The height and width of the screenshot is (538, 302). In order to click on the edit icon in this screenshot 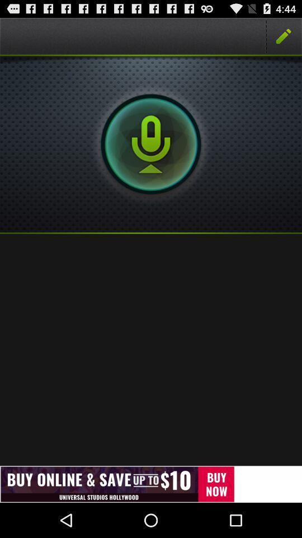, I will do `click(284, 38)`.